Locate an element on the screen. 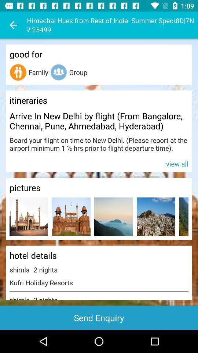 The image size is (198, 353). next image is located at coordinates (183, 217).